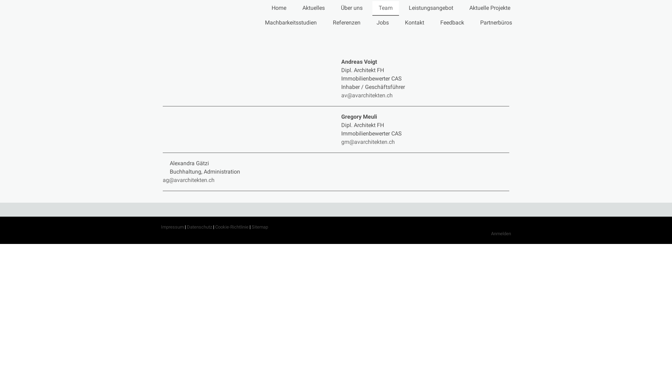 The height and width of the screenshot is (378, 672). I want to click on 'Anmelden', so click(500, 233).